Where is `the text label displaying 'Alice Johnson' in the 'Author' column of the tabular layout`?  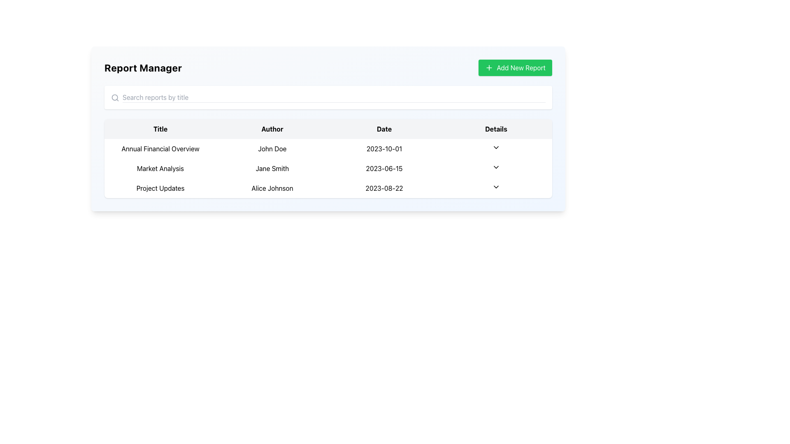 the text label displaying 'Alice Johnson' in the 'Author' column of the tabular layout is located at coordinates (272, 188).